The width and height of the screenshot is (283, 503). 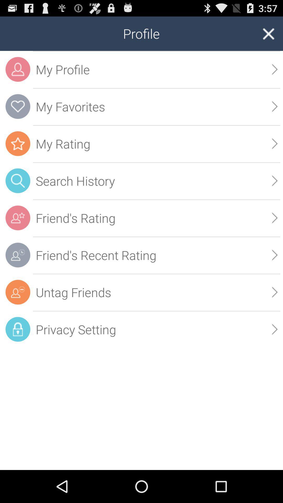 I want to click on my favorites icon, so click(x=18, y=106).